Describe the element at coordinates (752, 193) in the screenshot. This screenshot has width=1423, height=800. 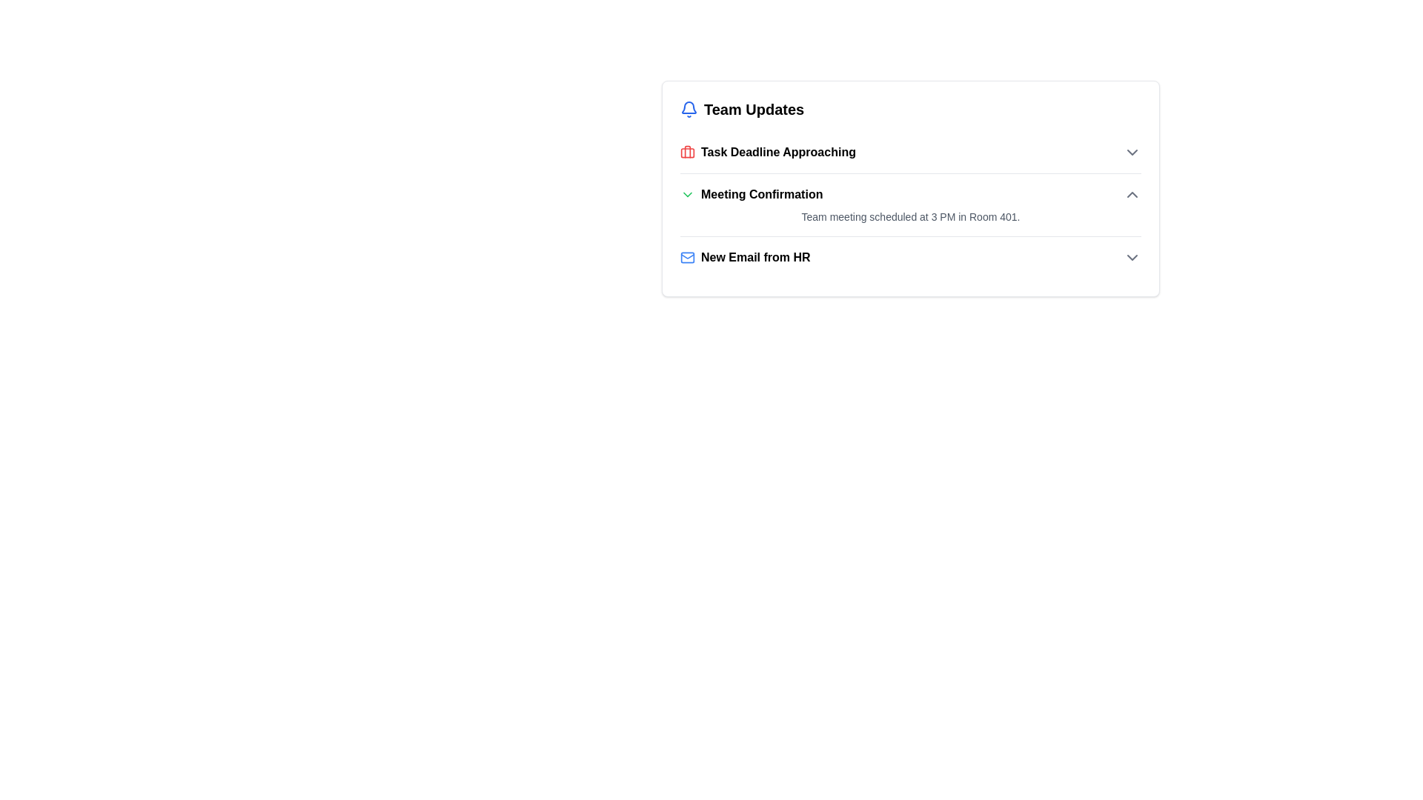
I see `text label 'Meeting Confirmation' located in the notification box titled 'Team Updates', positioned between 'Task Deadline Approaching' and 'New Email from HR'` at that location.